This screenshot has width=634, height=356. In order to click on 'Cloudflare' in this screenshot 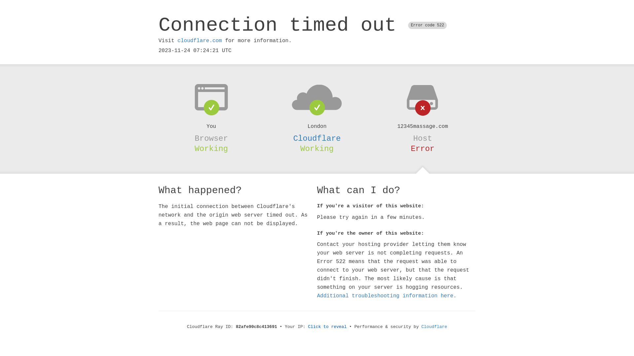, I will do `click(421, 327)`.